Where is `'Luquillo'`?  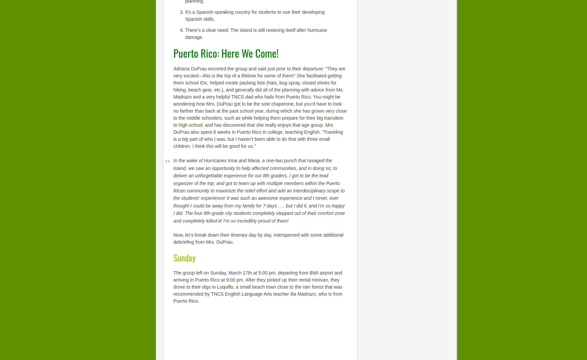 'Luquillo' is located at coordinates (224, 287).